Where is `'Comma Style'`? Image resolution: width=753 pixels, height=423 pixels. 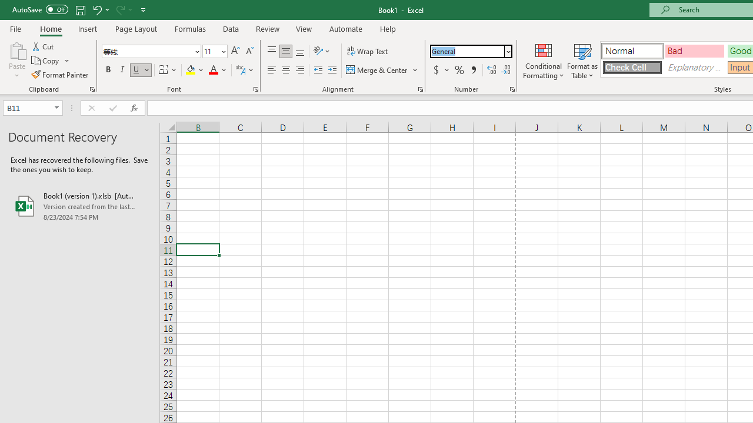 'Comma Style' is located at coordinates (474, 70).